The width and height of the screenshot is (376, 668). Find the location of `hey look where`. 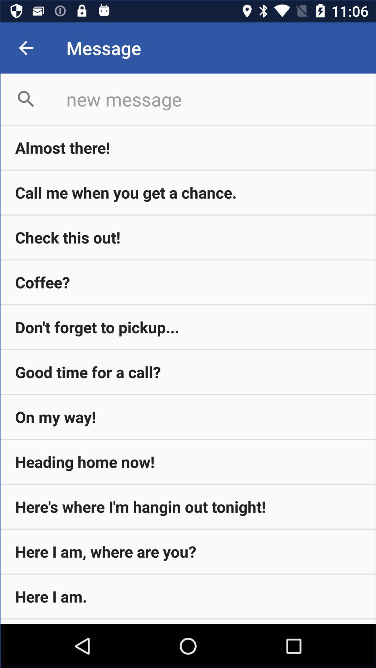

hey look where is located at coordinates (188, 621).